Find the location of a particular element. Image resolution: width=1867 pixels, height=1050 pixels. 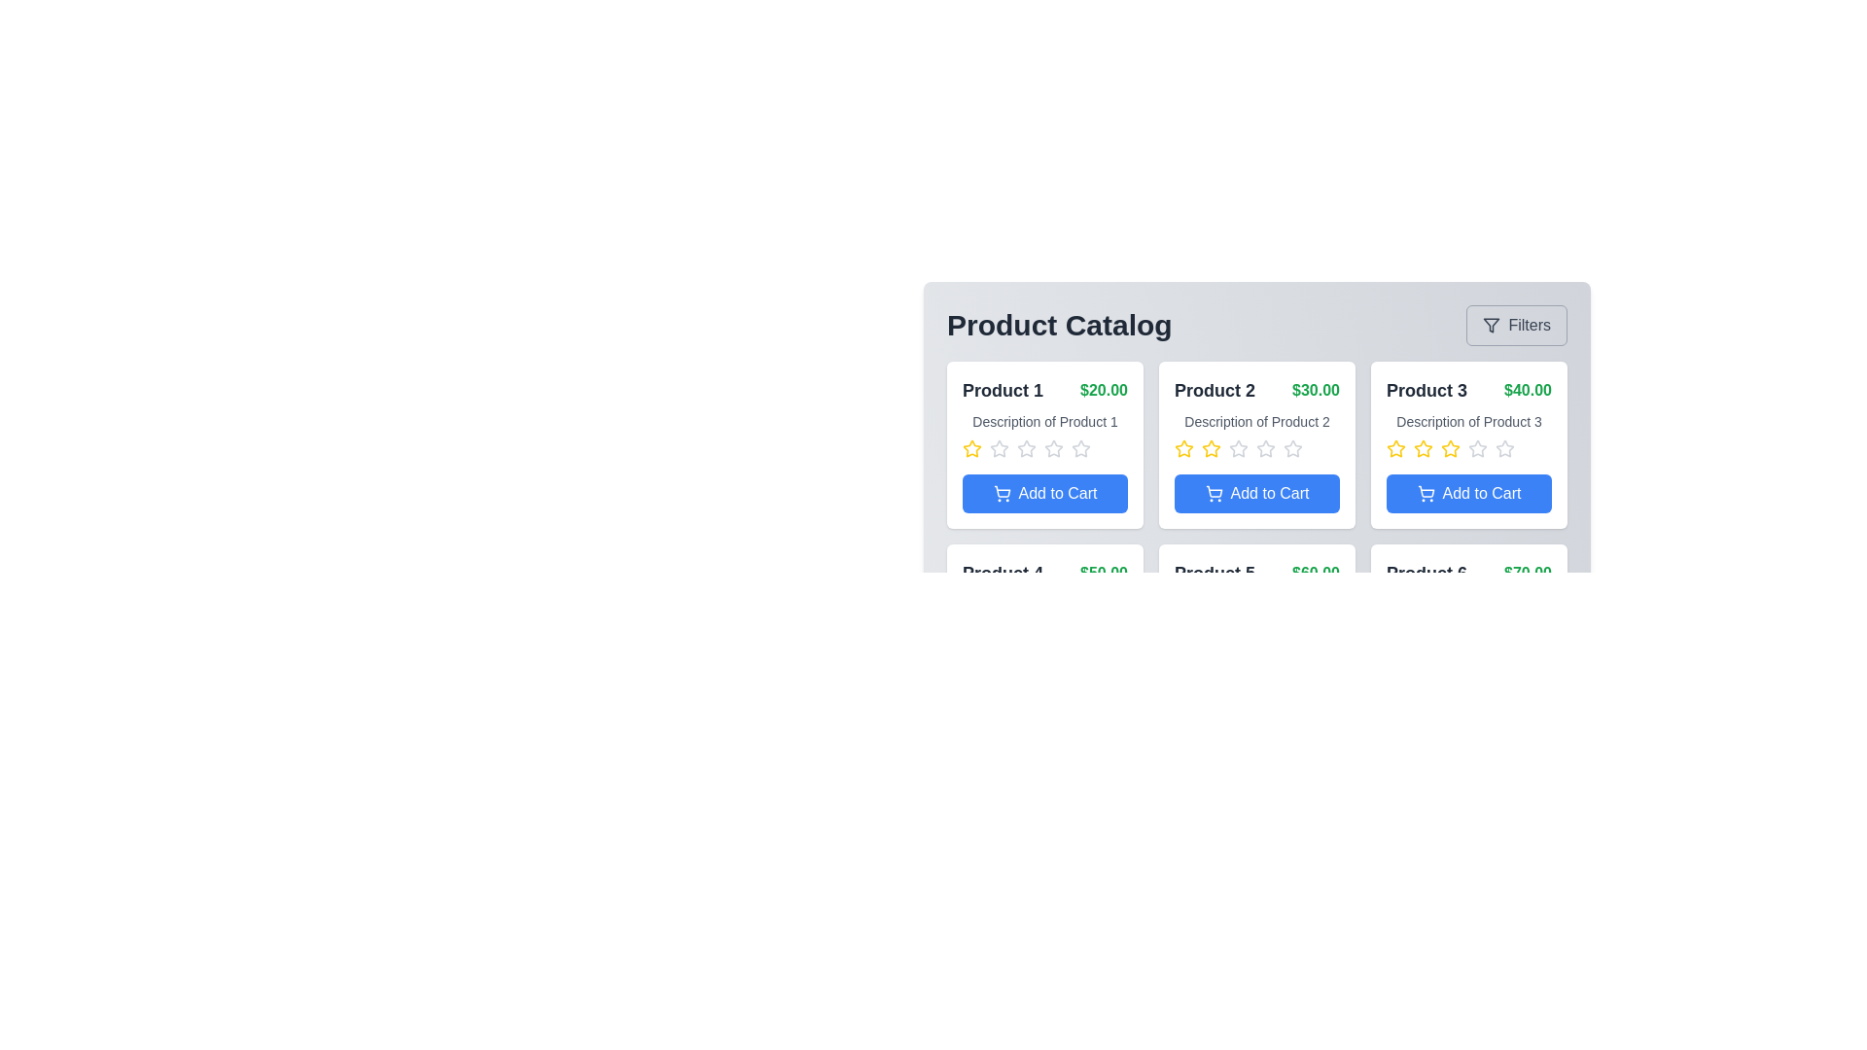

the product name labeled Product 1 to view its details is located at coordinates (1003, 390).